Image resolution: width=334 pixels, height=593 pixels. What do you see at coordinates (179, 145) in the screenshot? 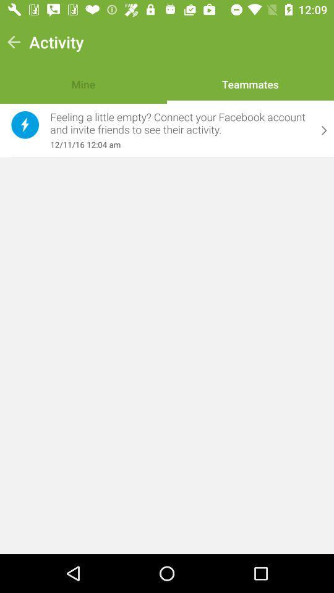
I see `item below the feeling a little item` at bounding box center [179, 145].